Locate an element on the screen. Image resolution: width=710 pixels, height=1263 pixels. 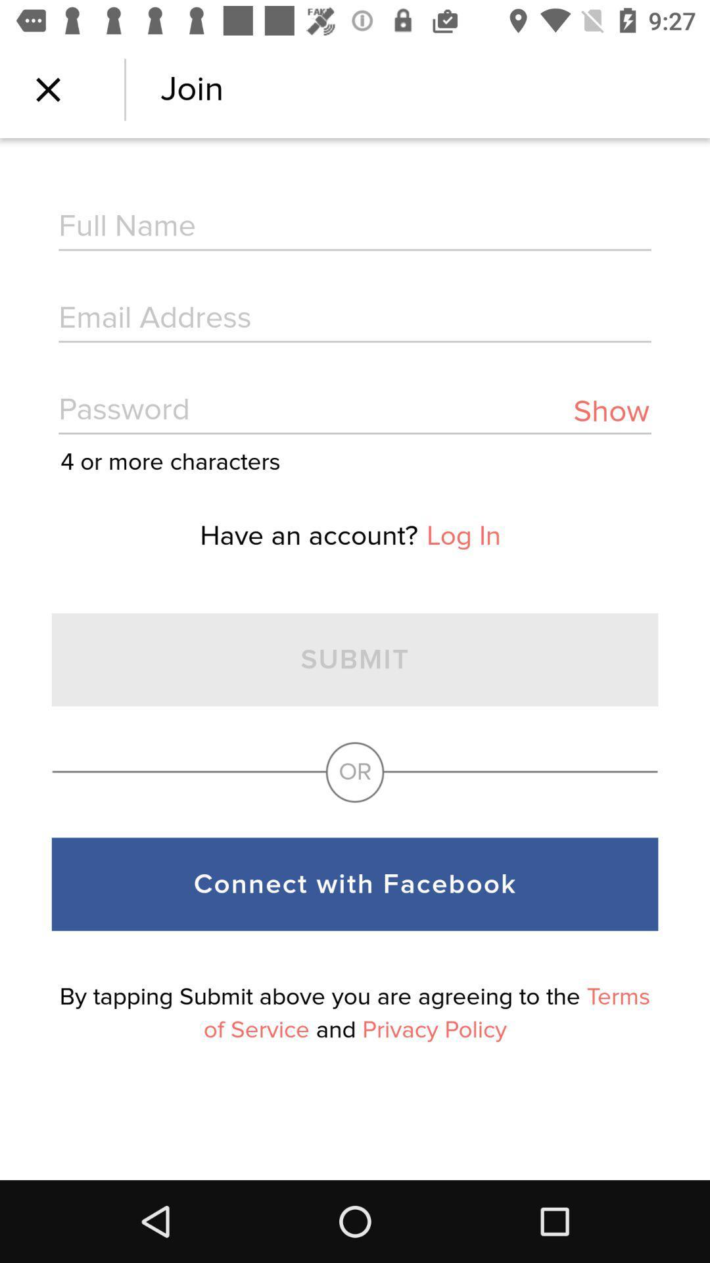
password is located at coordinates (355, 410).